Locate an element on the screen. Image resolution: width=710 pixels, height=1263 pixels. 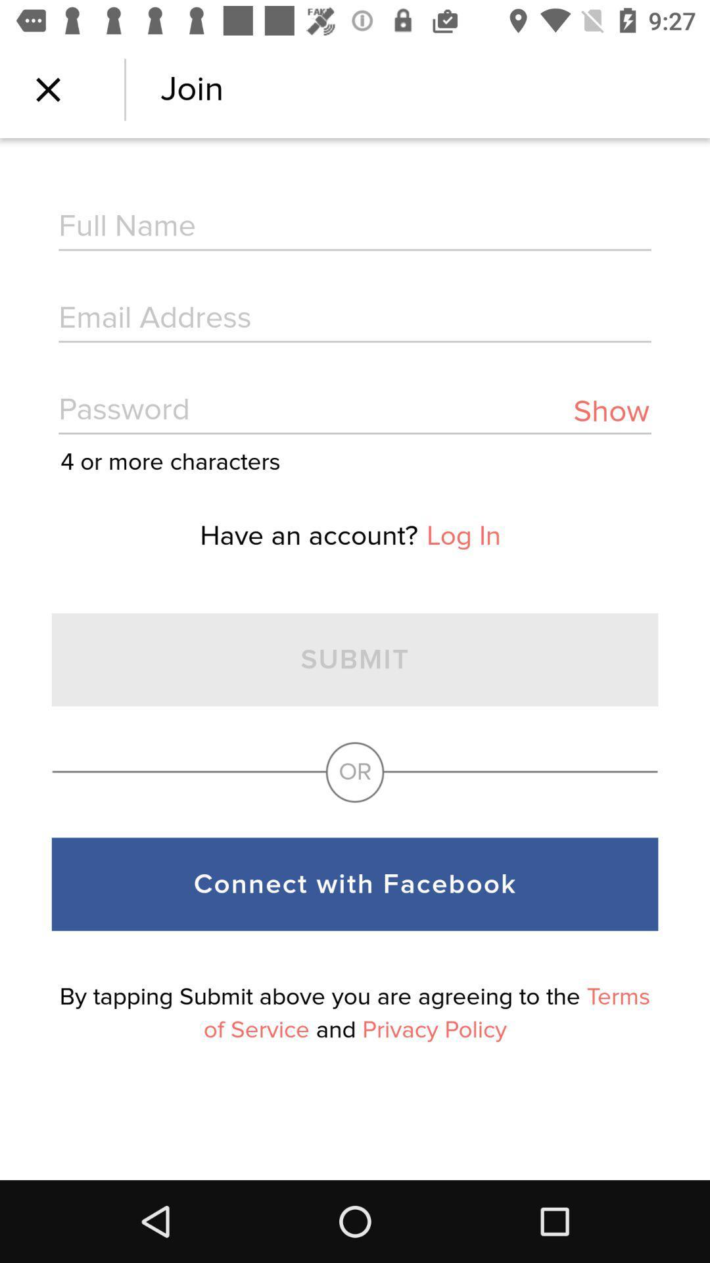
password is located at coordinates (355, 410).